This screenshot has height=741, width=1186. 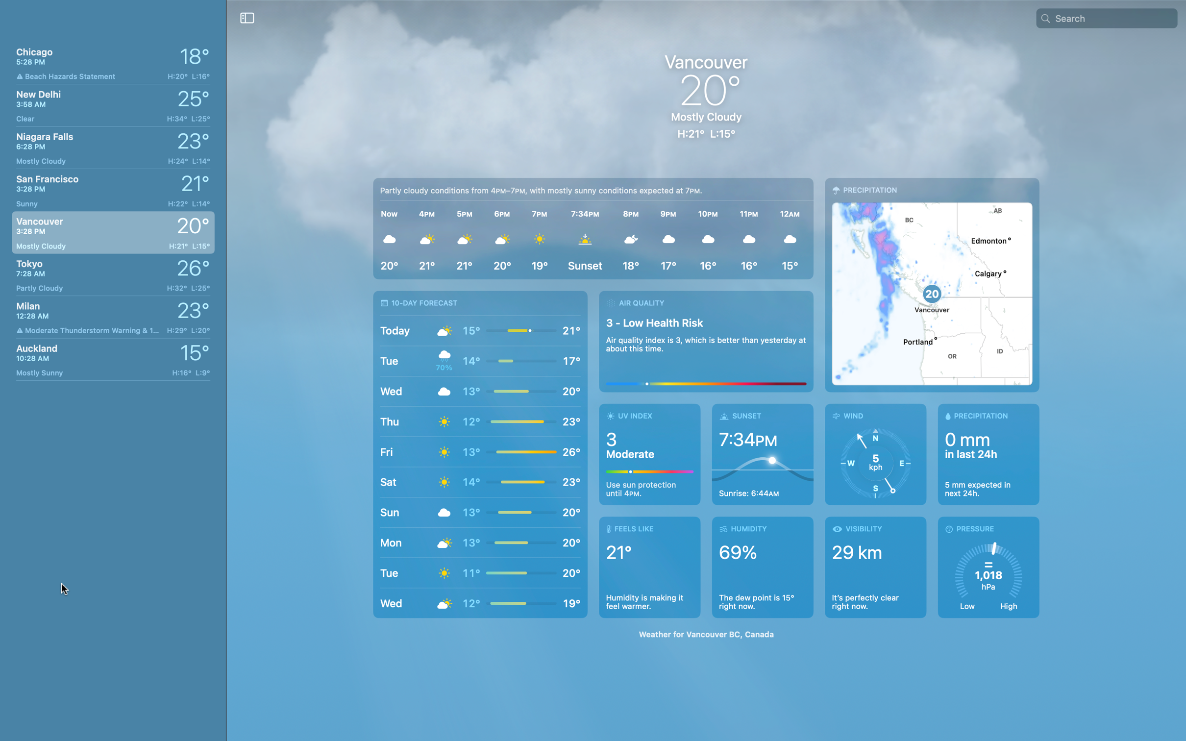 What do you see at coordinates (111, 187) in the screenshot?
I see `Verify meteorological conditions in San Francisco` at bounding box center [111, 187].